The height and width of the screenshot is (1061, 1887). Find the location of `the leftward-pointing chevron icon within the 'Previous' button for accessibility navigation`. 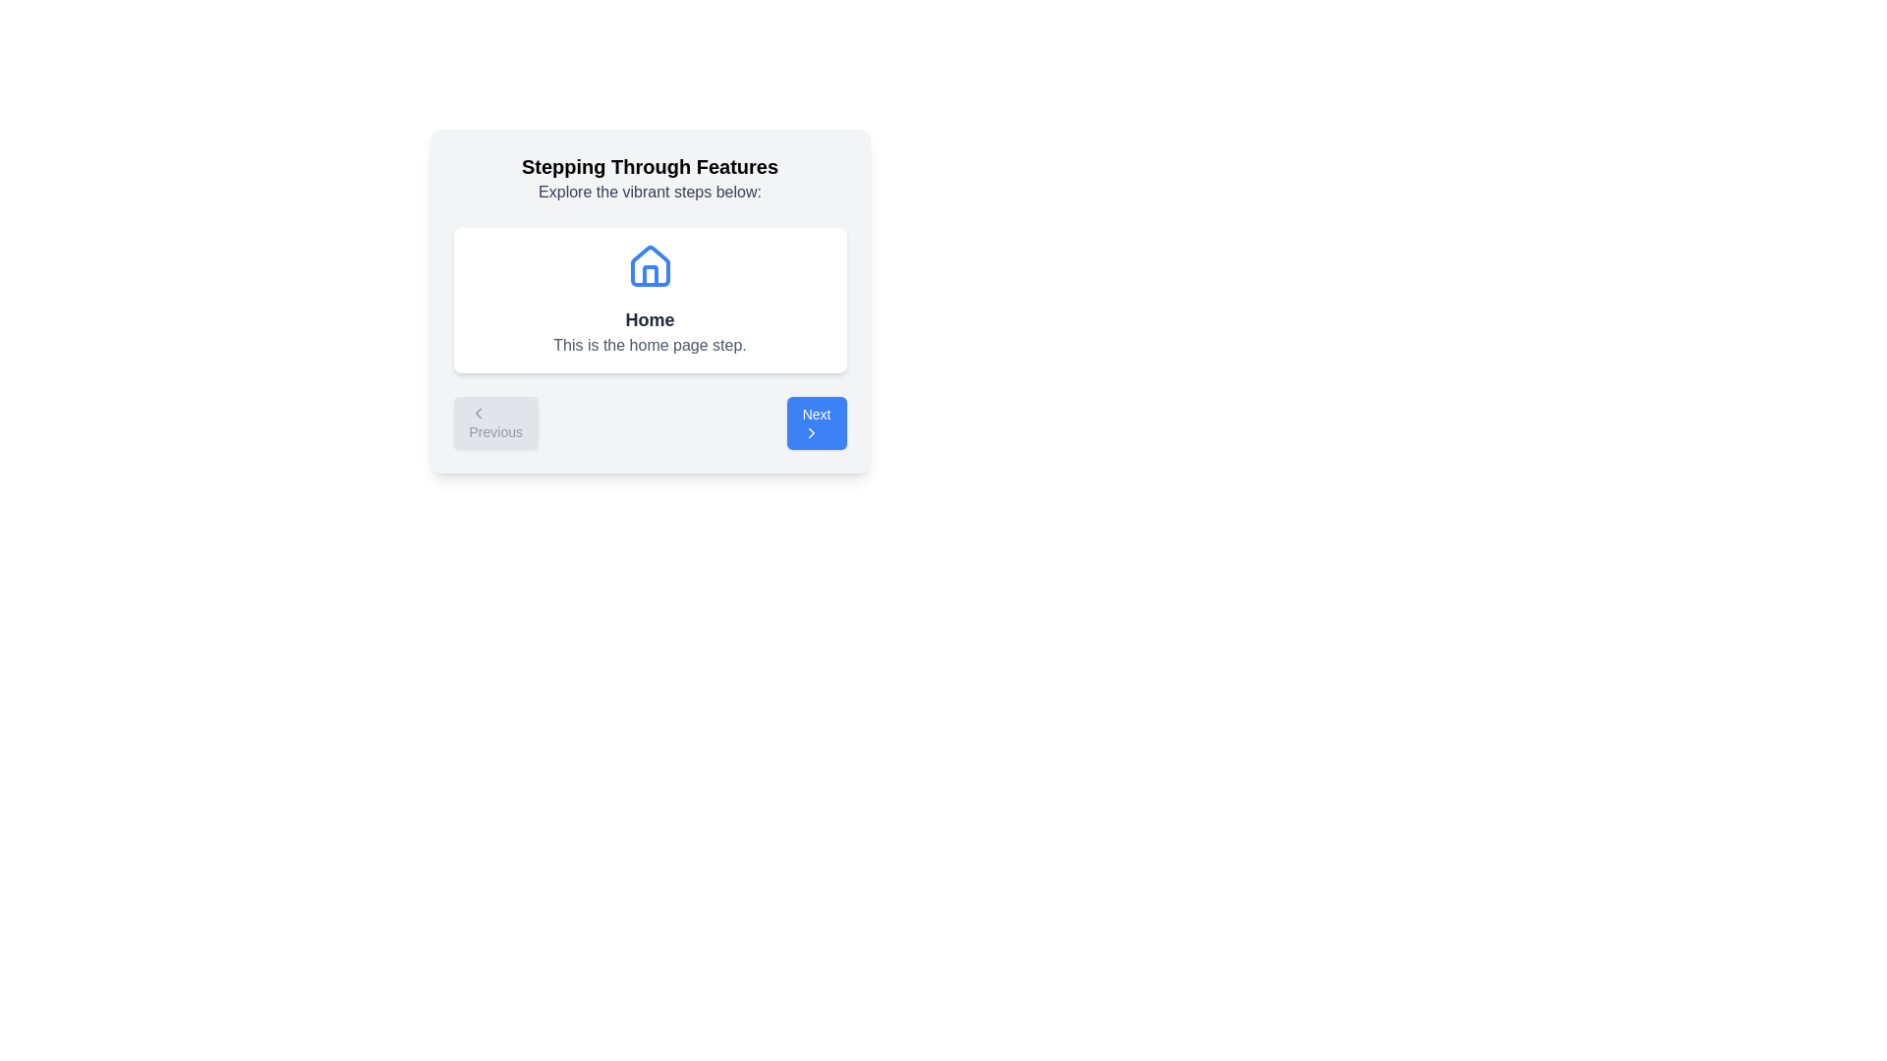

the leftward-pointing chevron icon within the 'Previous' button for accessibility navigation is located at coordinates (478, 412).